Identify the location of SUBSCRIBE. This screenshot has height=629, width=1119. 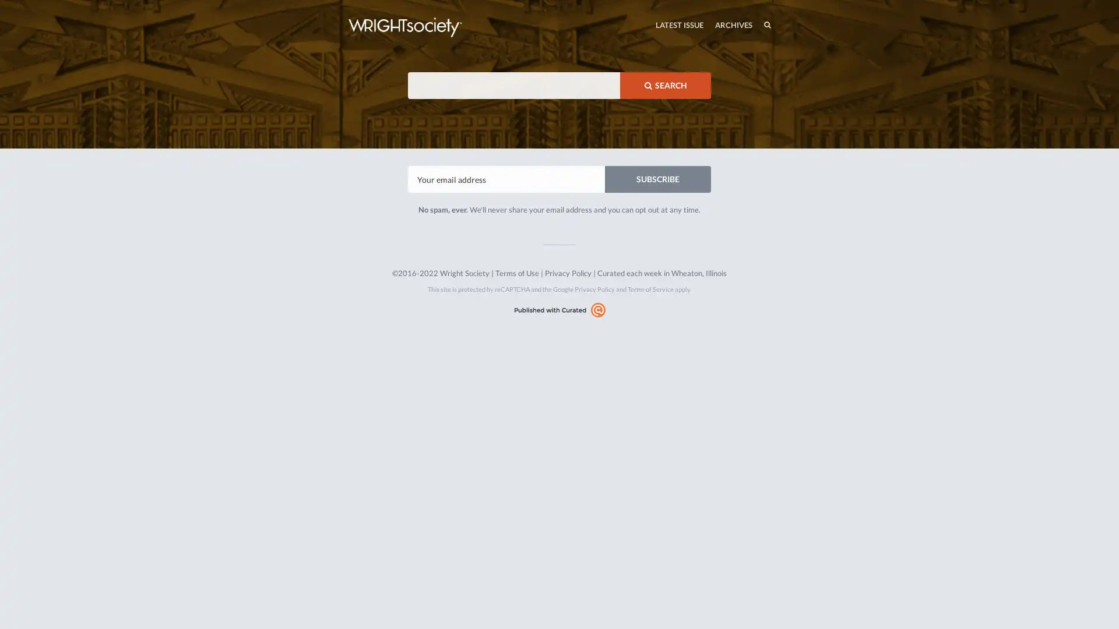
(657, 179).